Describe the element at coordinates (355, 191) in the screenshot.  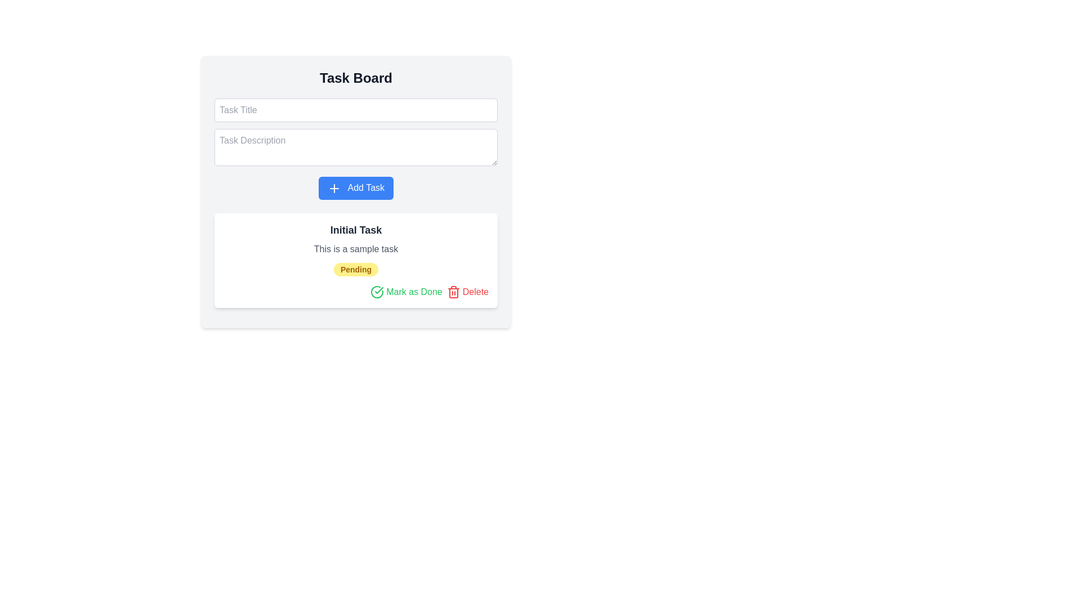
I see `the rectangular button with a blue background and white text reading 'Add Task'` at that location.